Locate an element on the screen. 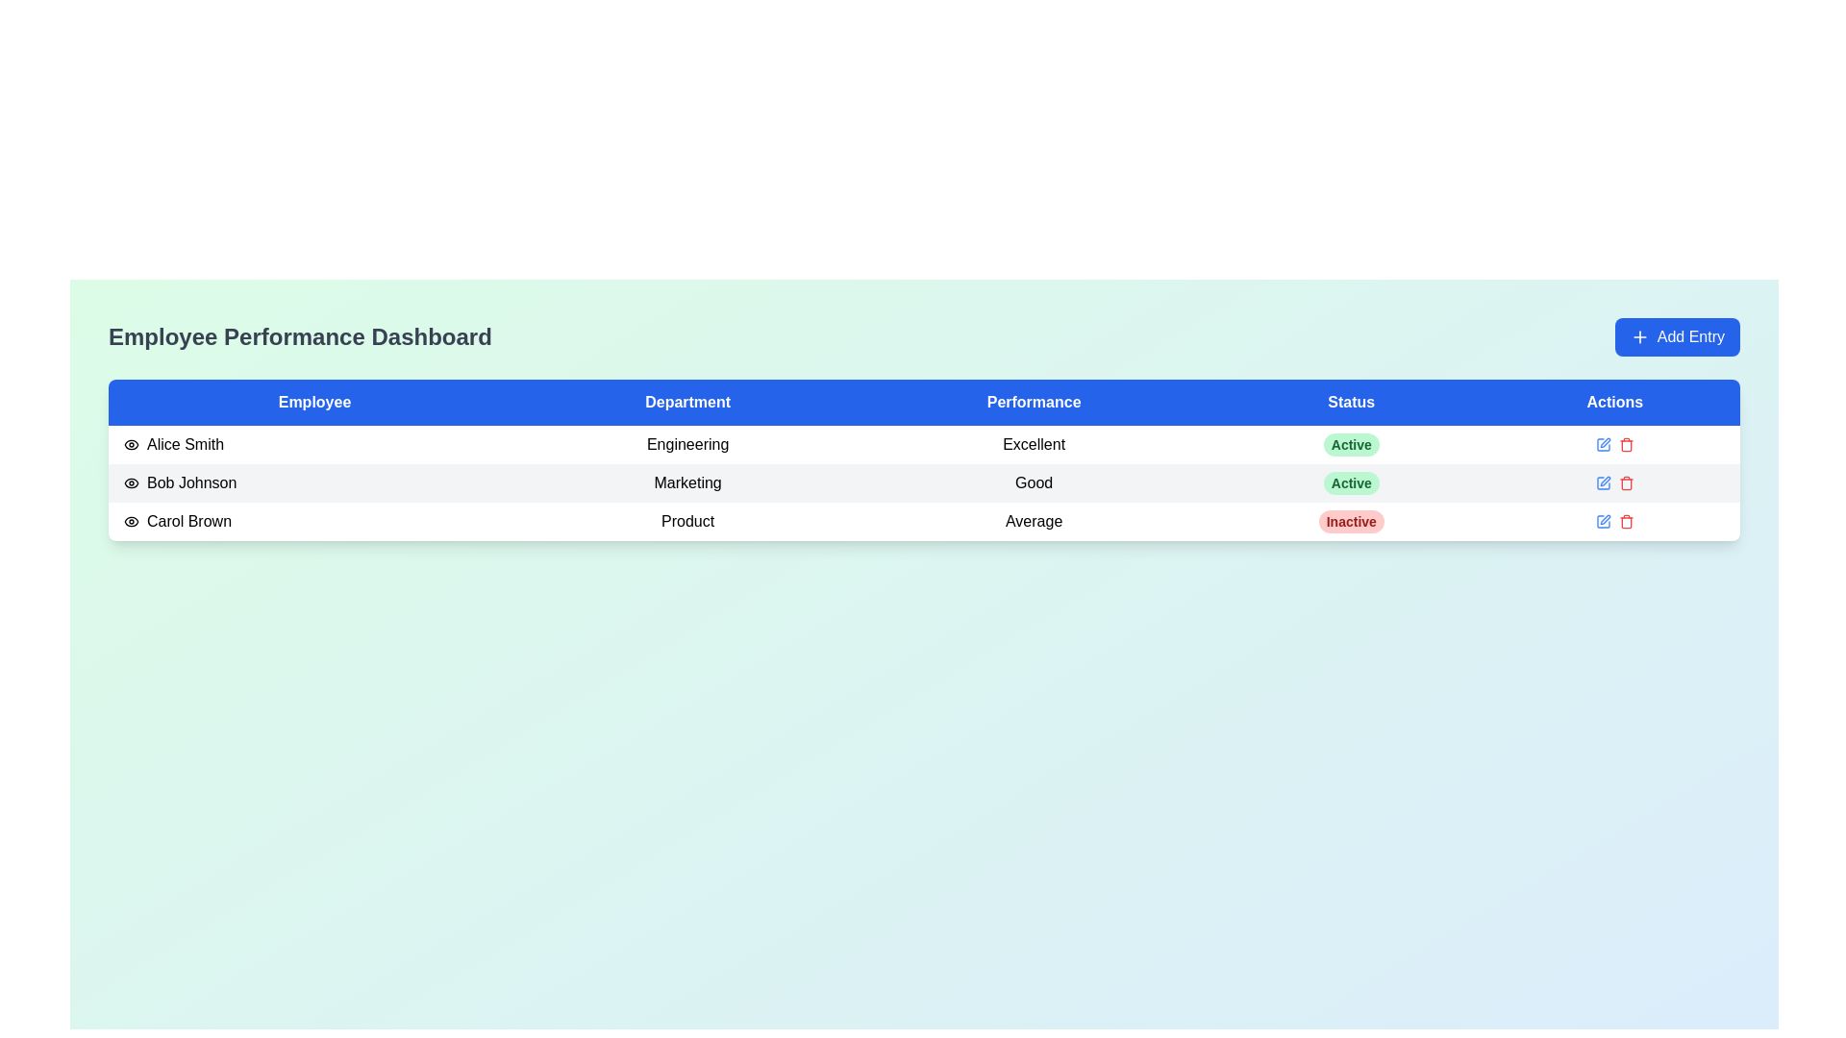 The image size is (1846, 1038). the details of the pencil icon representing the editing action located in the rightmost column labeled 'Actions' in the table for 'Bob Johnson' is located at coordinates (1603, 482).